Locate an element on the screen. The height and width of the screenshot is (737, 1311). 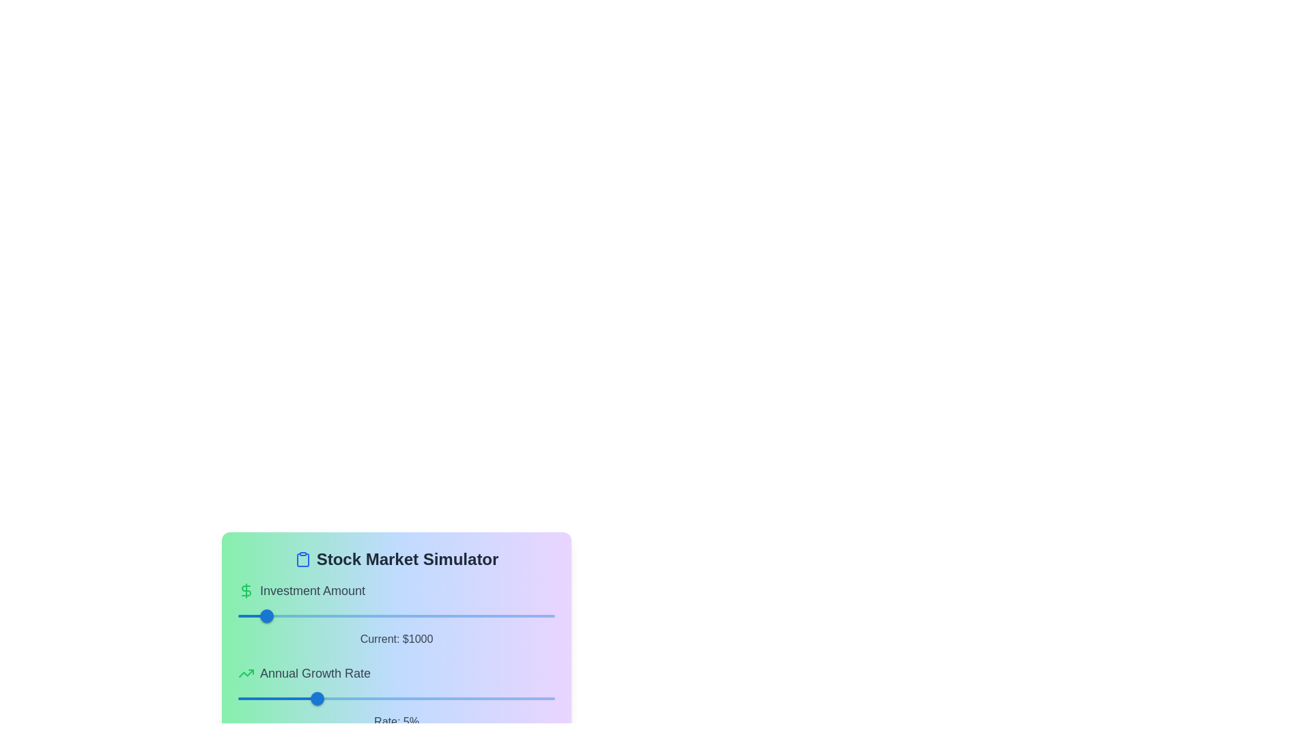
the annual growth rate is located at coordinates (538, 698).